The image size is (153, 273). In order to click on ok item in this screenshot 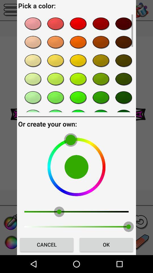, I will do `click(106, 244)`.